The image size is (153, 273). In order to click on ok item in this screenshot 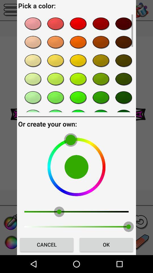, I will do `click(106, 244)`.